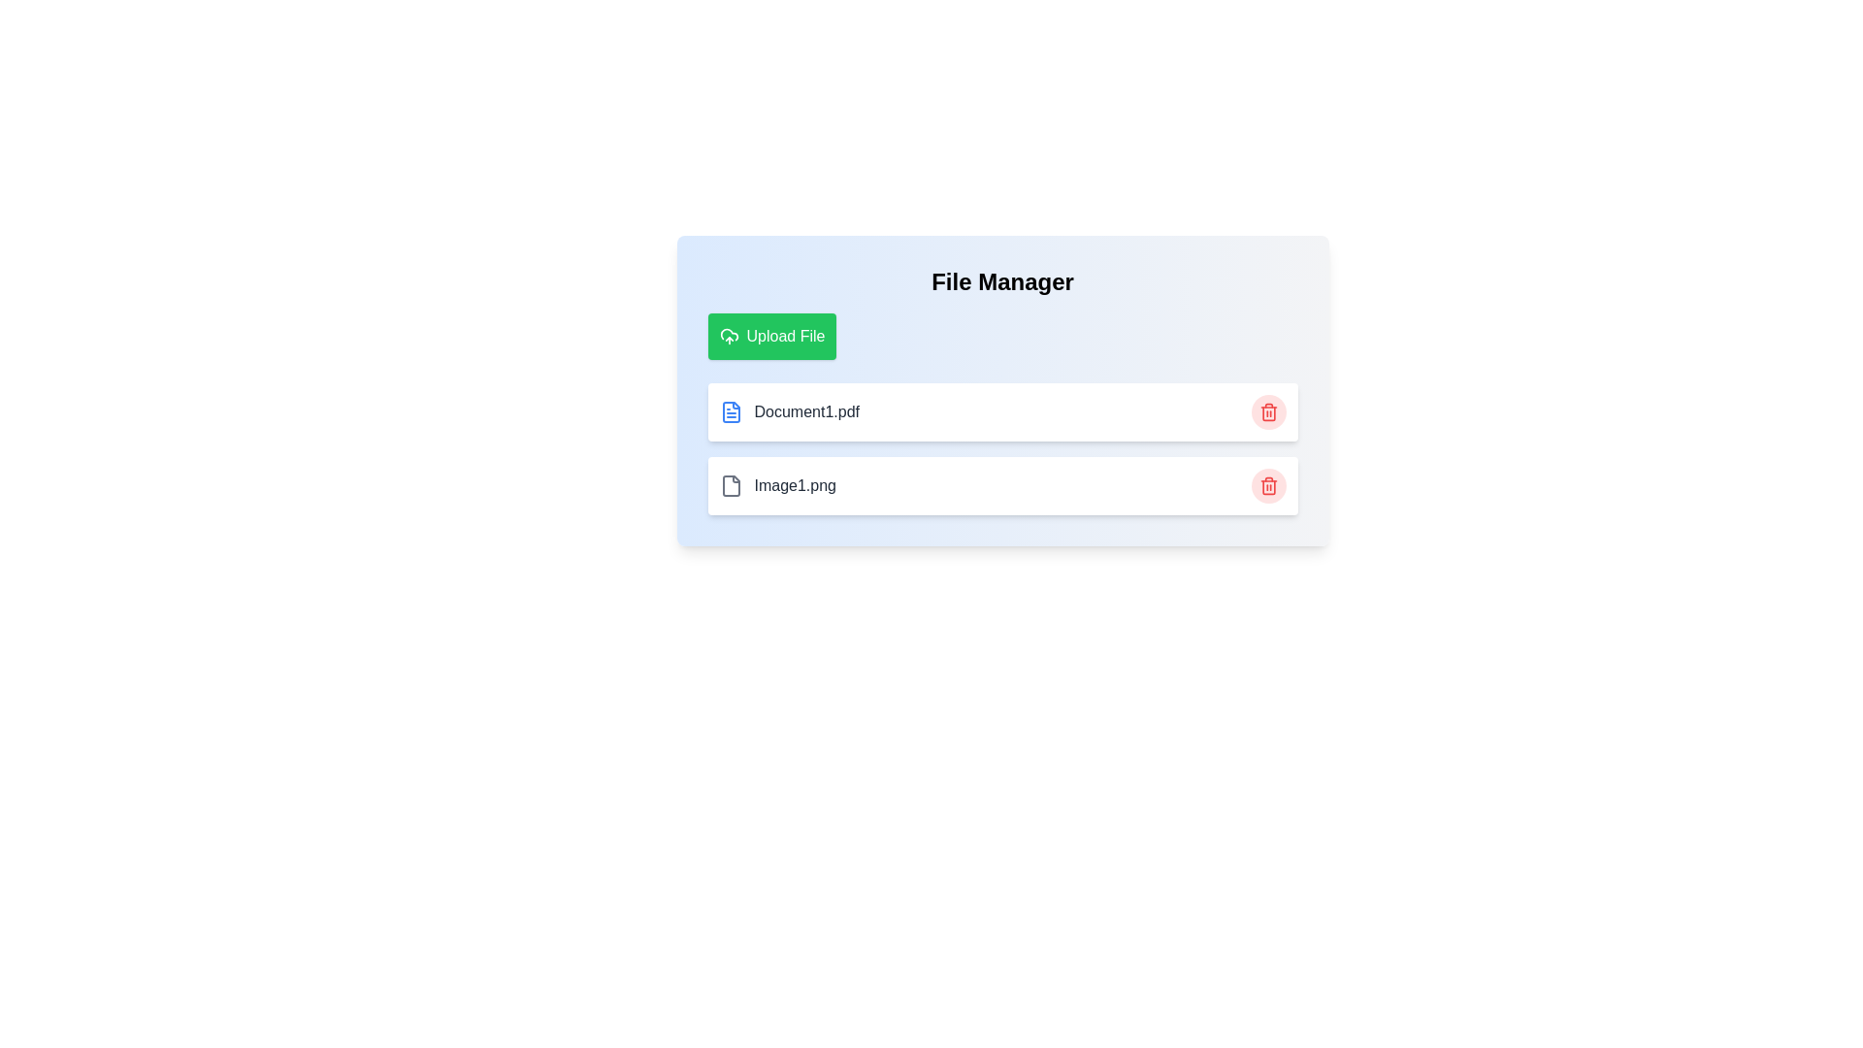 This screenshot has height=1048, width=1863. Describe the element at coordinates (771, 336) in the screenshot. I see `the upload button located directly below the 'File Manager' title` at that location.